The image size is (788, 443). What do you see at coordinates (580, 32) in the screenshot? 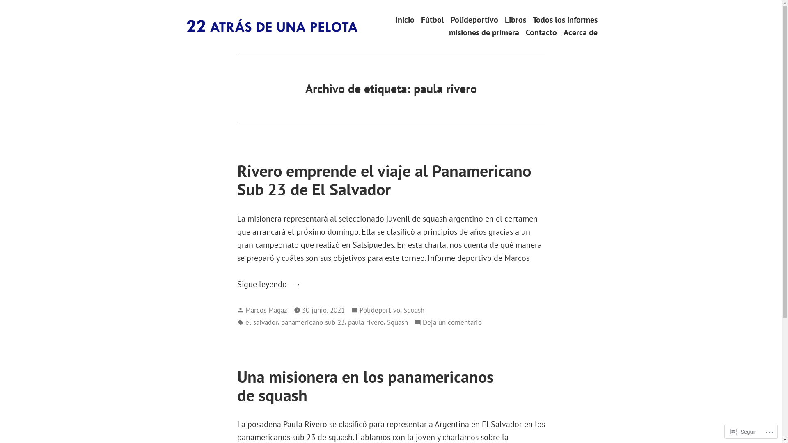
I see `'Acerca de'` at bounding box center [580, 32].